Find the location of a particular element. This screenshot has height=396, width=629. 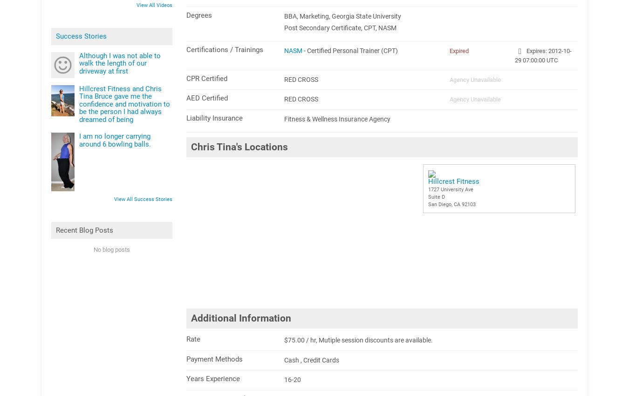

'View All Videos' is located at coordinates (136, 5).